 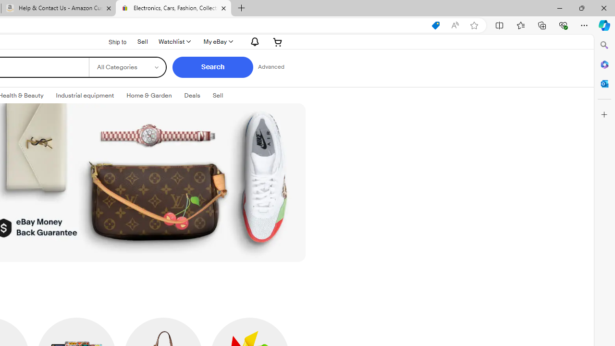 I want to click on 'Expand Cart', so click(x=277, y=41).